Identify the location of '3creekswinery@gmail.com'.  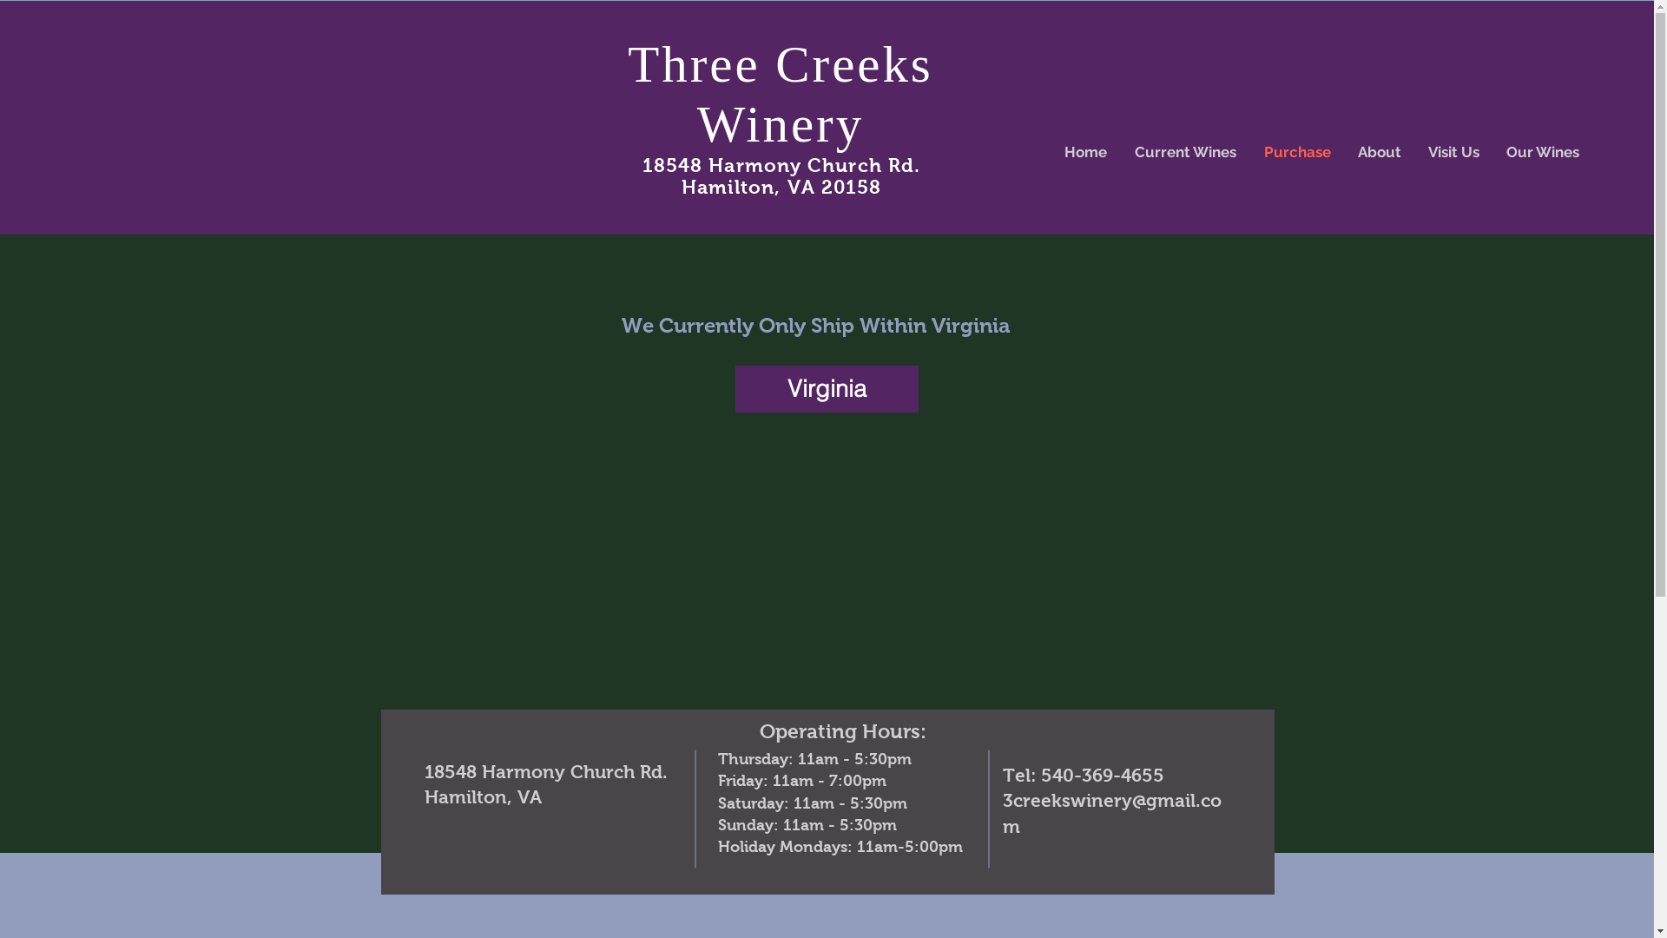
(1111, 813).